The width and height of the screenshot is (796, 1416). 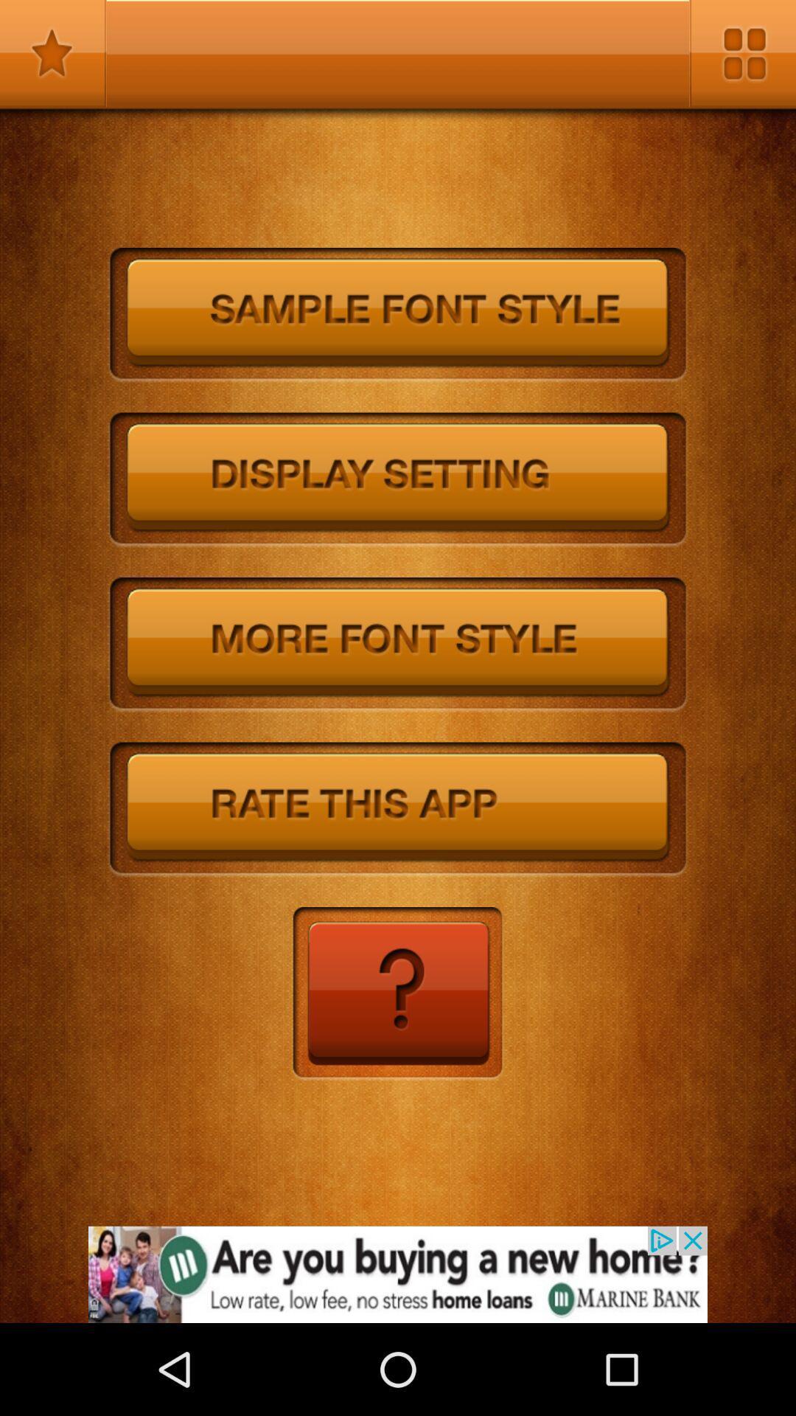 What do you see at coordinates (398, 1274) in the screenshot?
I see `advertising` at bounding box center [398, 1274].